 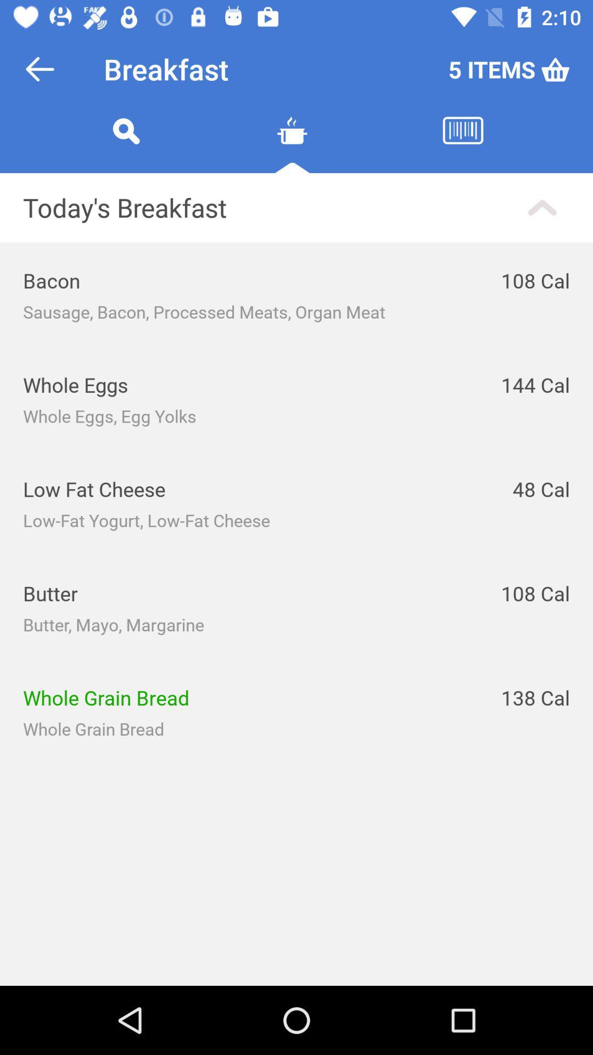 What do you see at coordinates (463, 143) in the screenshot?
I see `lunch menu` at bounding box center [463, 143].